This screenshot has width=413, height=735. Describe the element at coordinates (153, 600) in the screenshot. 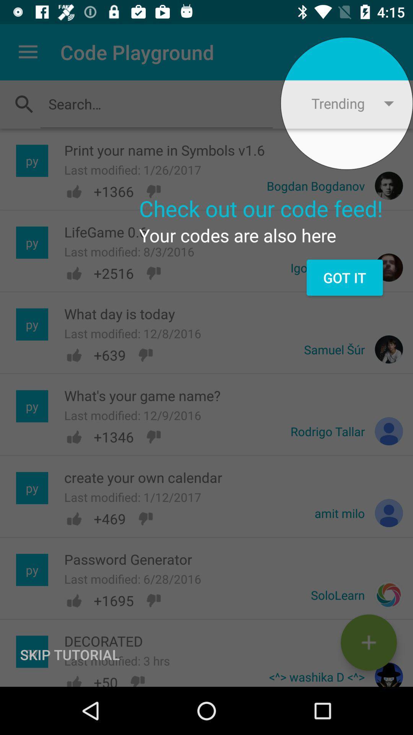

I see `the dislike icon at the bottom shown after 1695` at that location.